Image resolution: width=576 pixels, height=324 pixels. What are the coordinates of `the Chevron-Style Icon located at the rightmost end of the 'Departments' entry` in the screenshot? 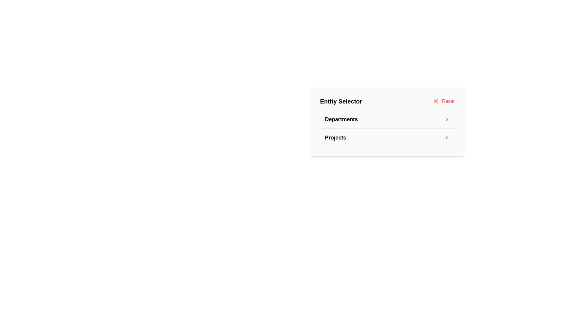 It's located at (446, 119).